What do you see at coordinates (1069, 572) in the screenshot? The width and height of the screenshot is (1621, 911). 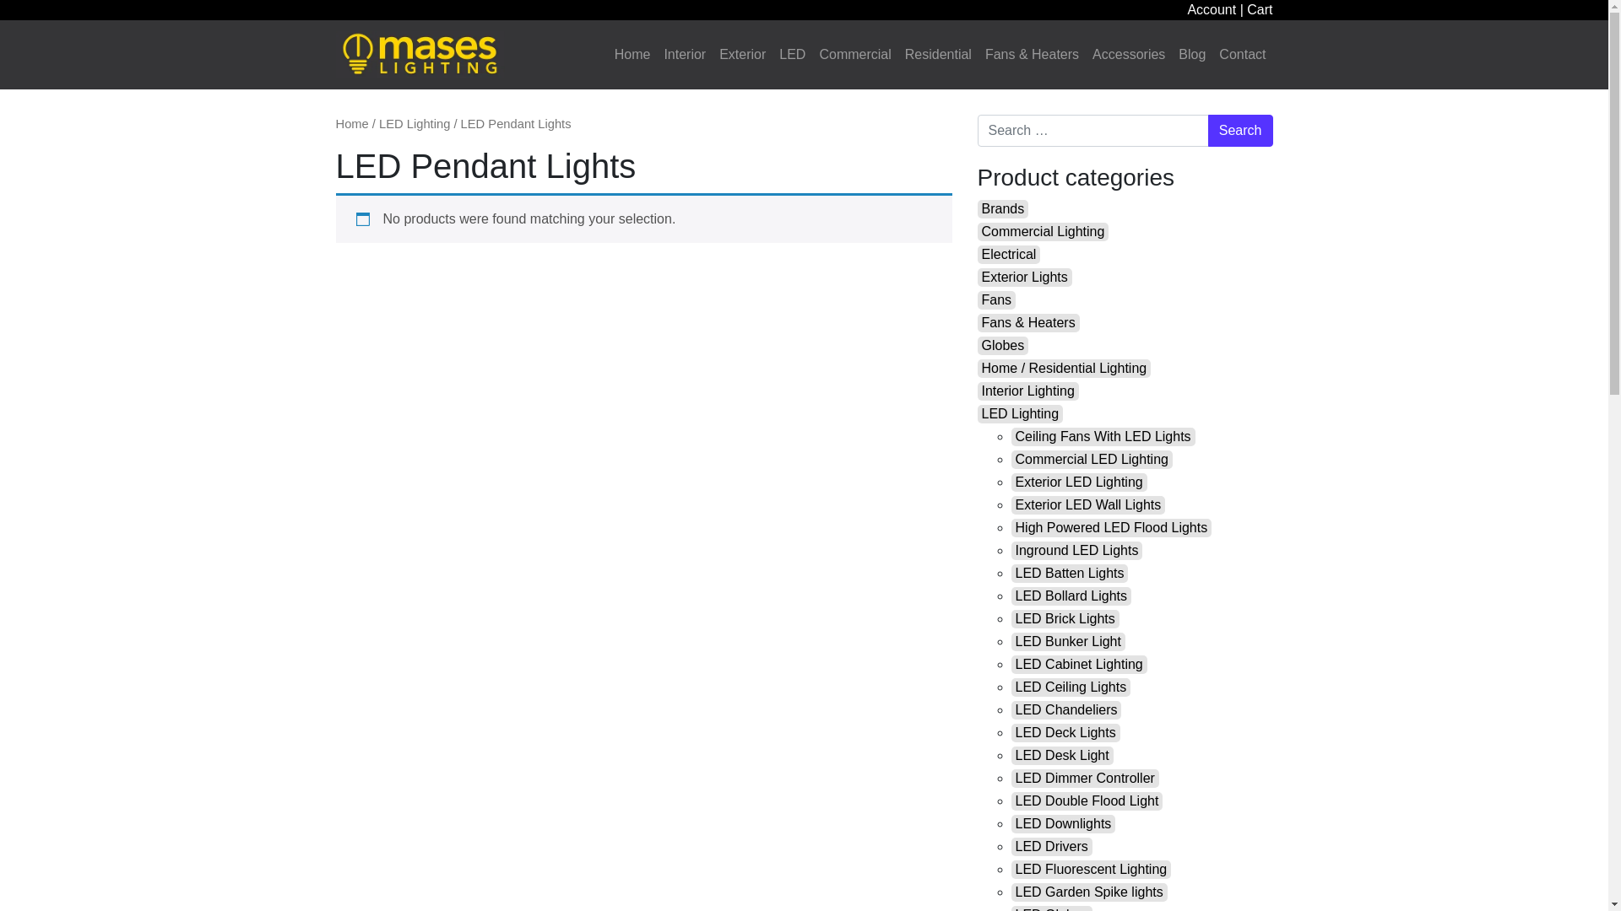 I see `'LED Batten Lights'` at bounding box center [1069, 572].